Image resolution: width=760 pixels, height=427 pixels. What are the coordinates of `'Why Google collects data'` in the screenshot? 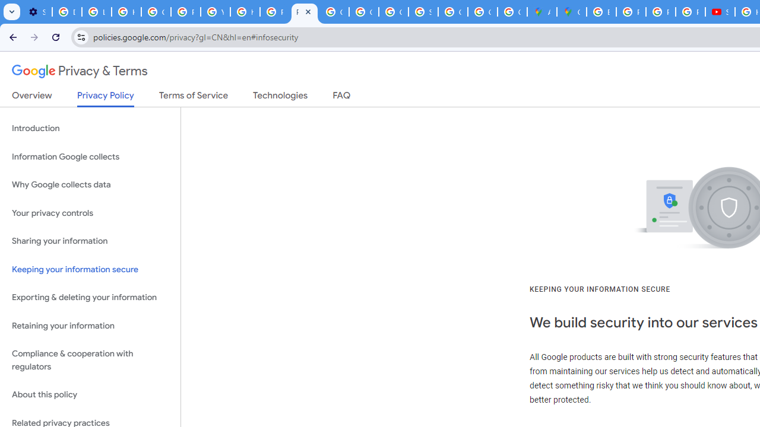 It's located at (90, 185).